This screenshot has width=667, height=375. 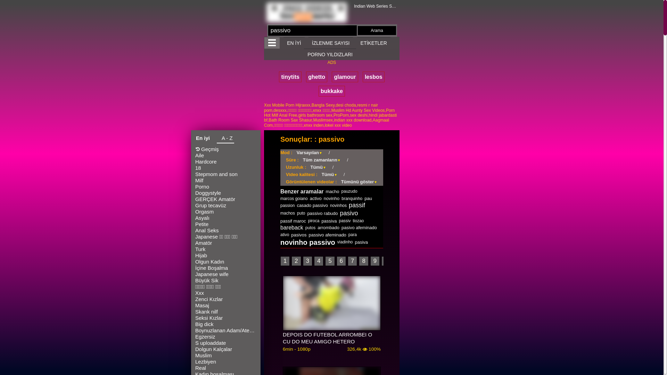 I want to click on 'ETIKETLER', so click(x=373, y=43).